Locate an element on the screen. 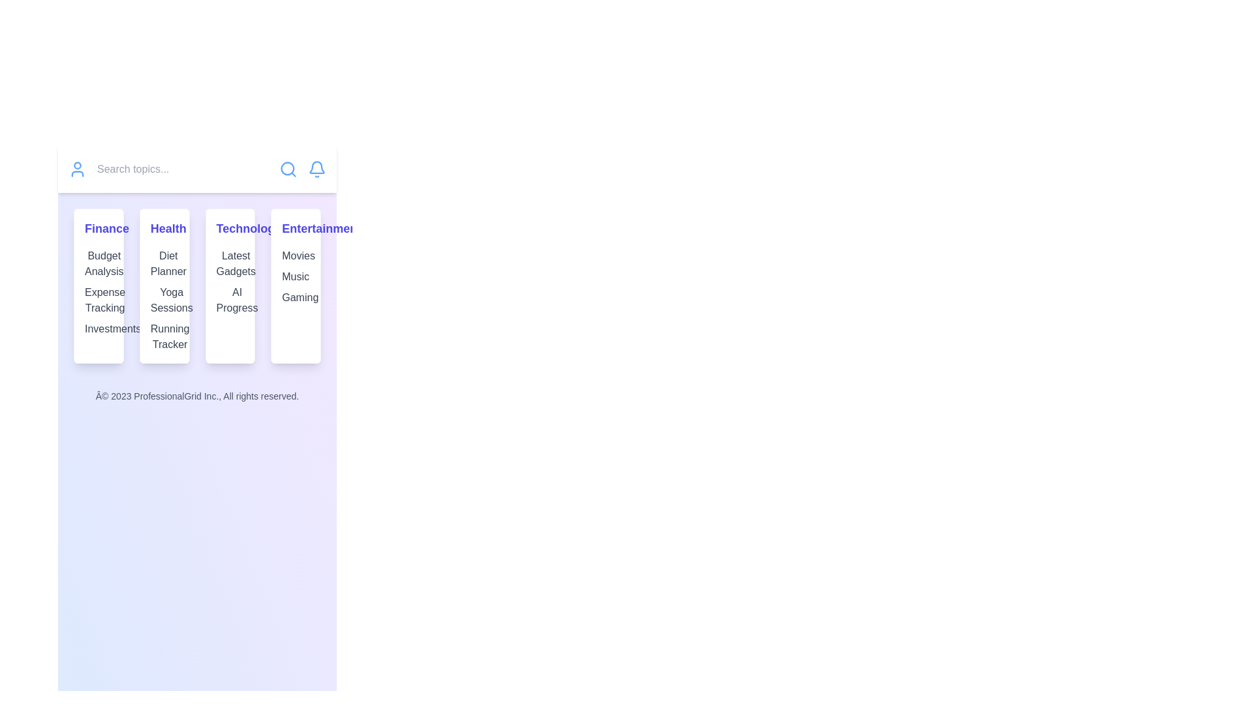 The height and width of the screenshot is (704, 1253). the Text Label in the second vertical card from the left under the 'Health' section, which is positioned between 'Diet Planner' and 'Running Tracker' related to Yoga Sessions is located at coordinates (164, 301).